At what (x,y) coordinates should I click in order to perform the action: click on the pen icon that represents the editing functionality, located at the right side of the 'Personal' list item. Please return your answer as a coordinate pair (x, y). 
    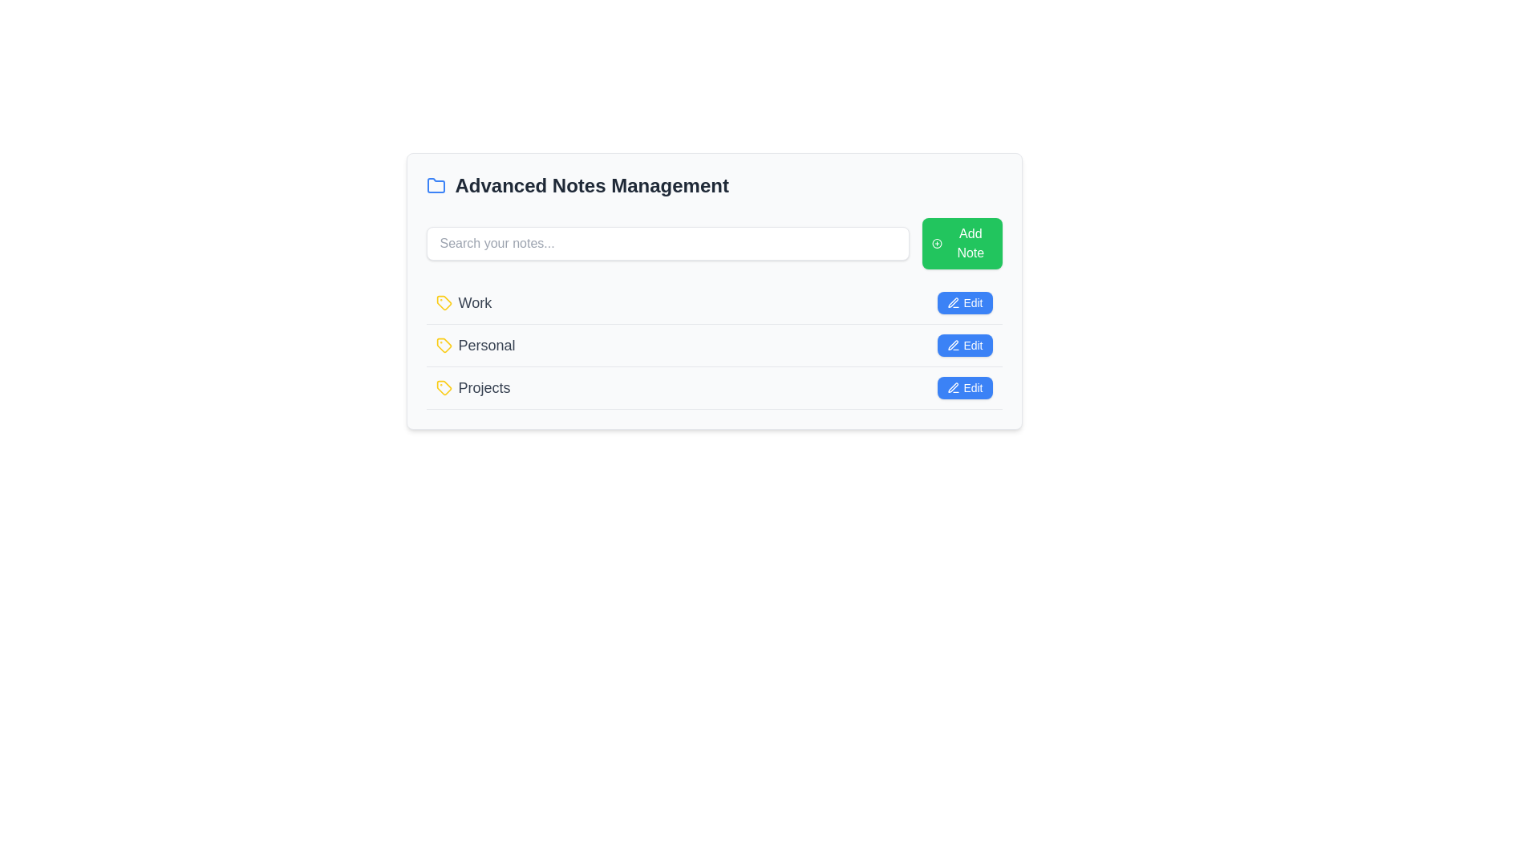
    Looking at the image, I should click on (954, 344).